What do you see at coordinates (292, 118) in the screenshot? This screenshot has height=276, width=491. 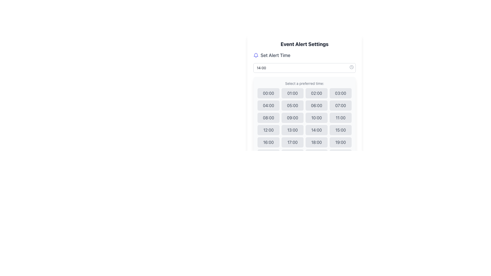 I see `the button representing the selectable time option '09:00'` at bounding box center [292, 118].